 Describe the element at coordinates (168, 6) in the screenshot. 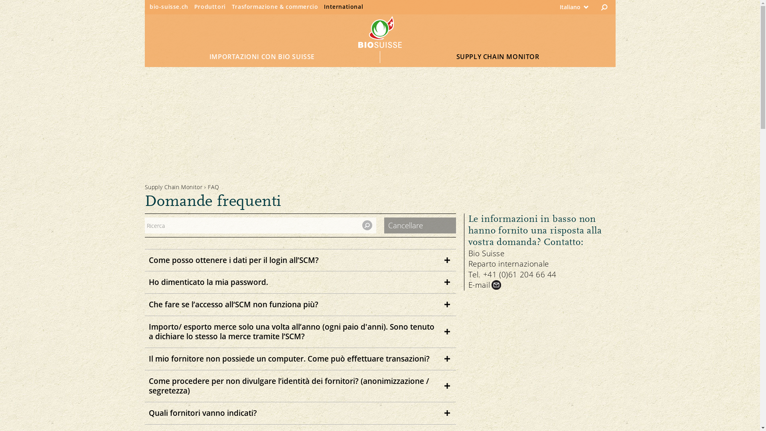

I see `'bio-suisse.ch'` at that location.